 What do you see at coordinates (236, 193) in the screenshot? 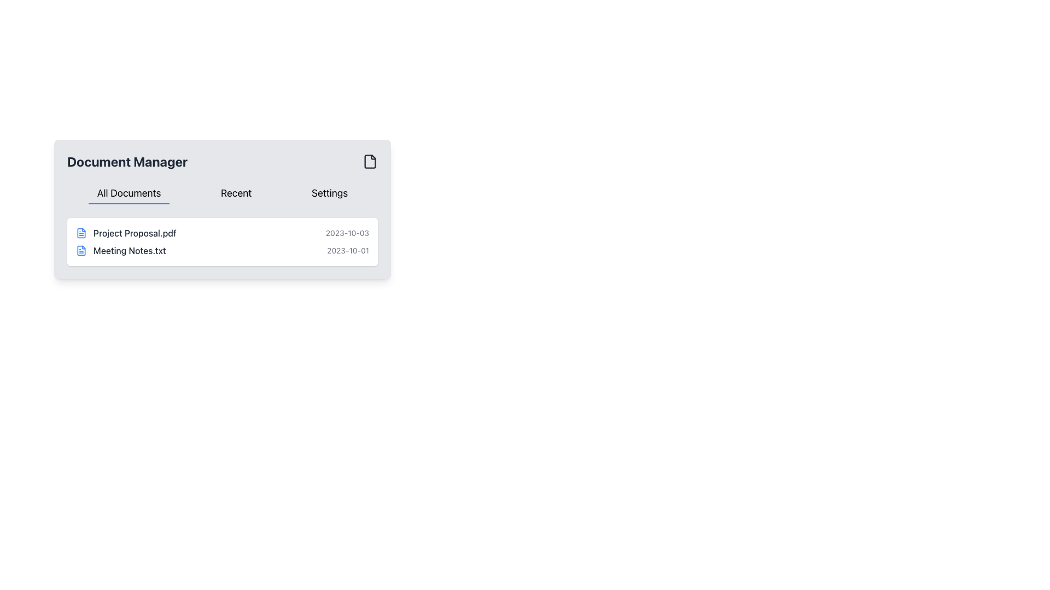
I see `the 'Recent' tab, which is the second tab in a horizontal menu located near the top of the card` at bounding box center [236, 193].